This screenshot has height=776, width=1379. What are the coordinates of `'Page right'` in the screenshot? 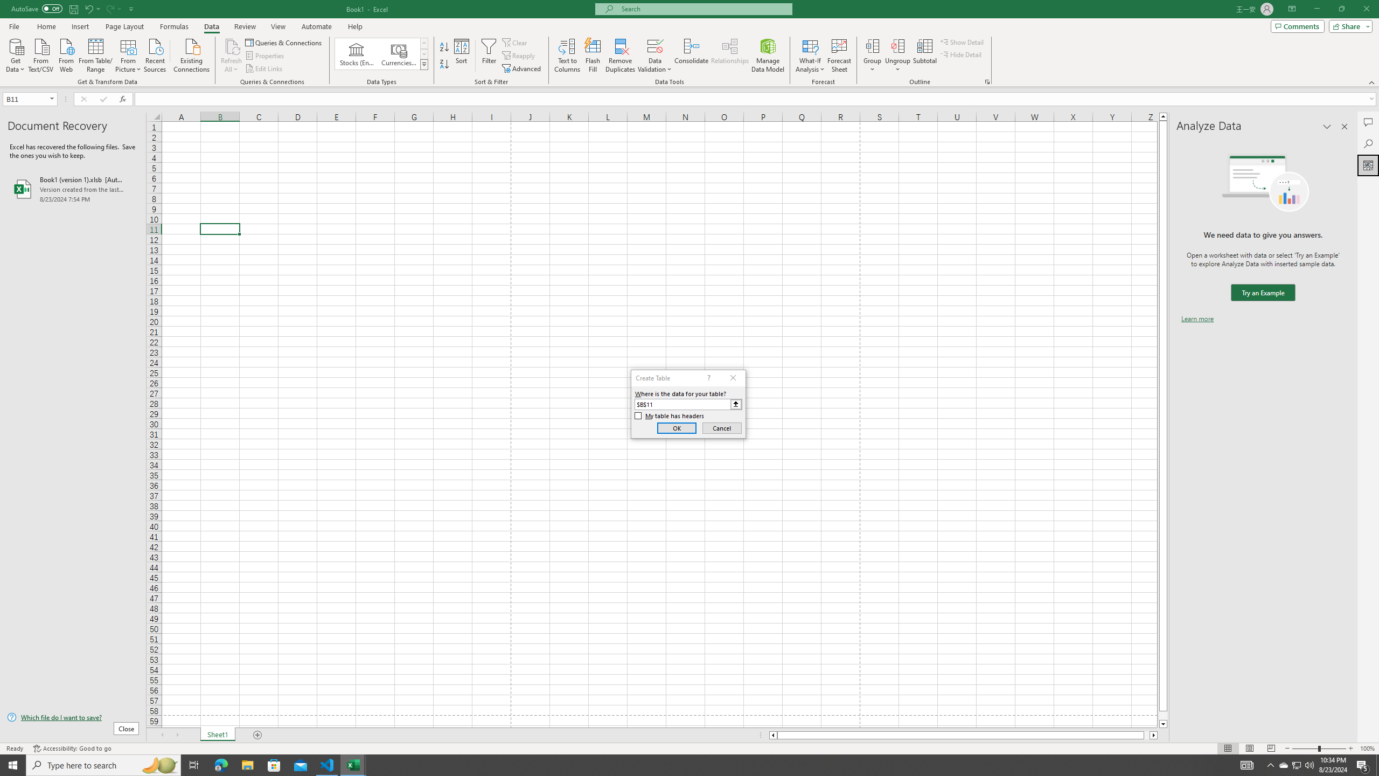 It's located at (1146, 735).